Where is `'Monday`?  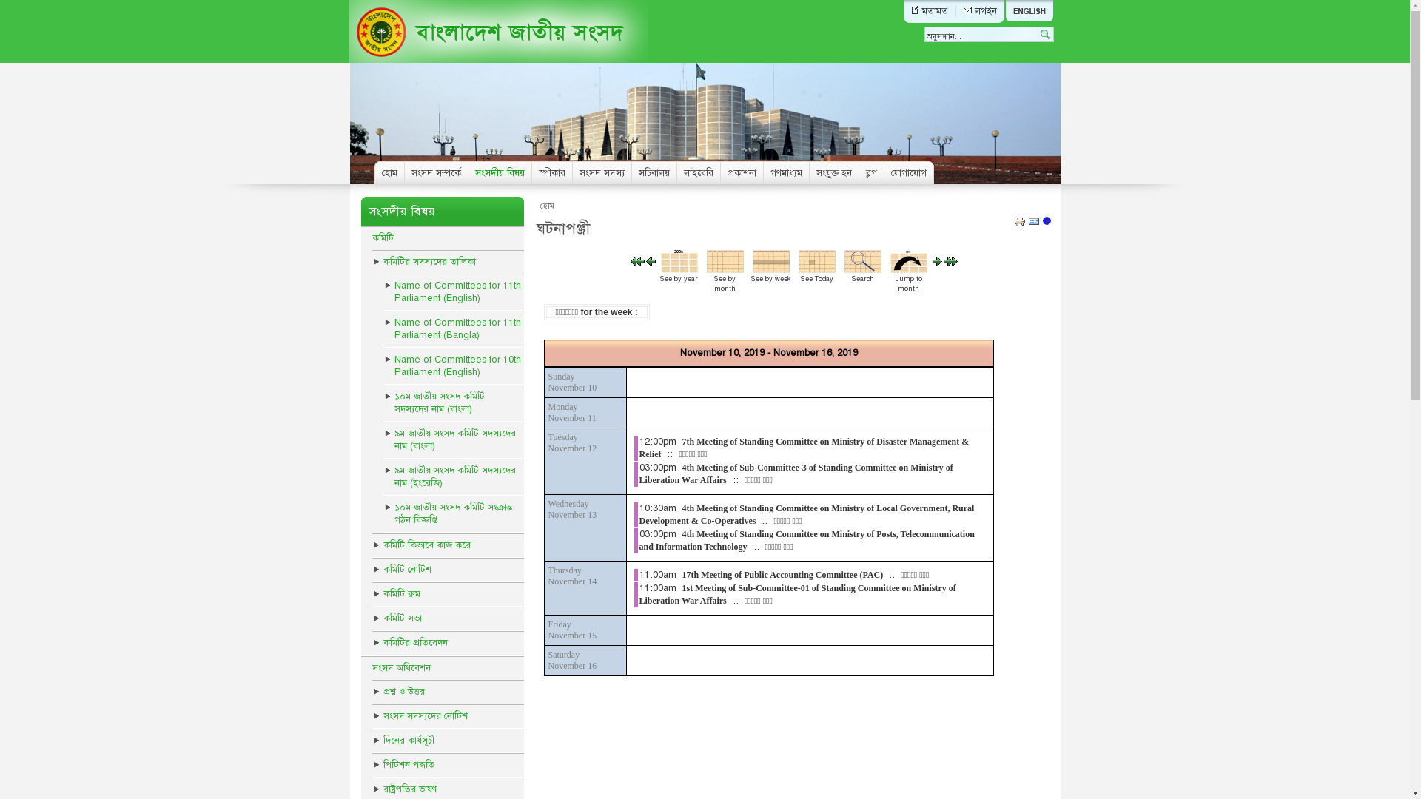 'Monday is located at coordinates (546, 412).